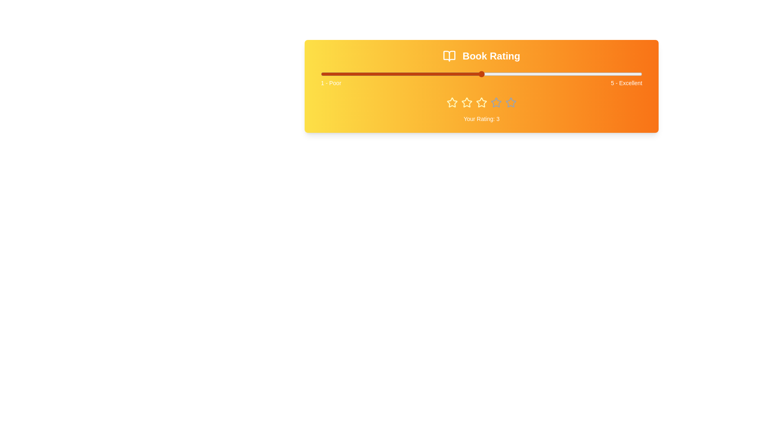 This screenshot has width=783, height=440. What do you see at coordinates (451, 102) in the screenshot?
I see `the third star icon` at bounding box center [451, 102].